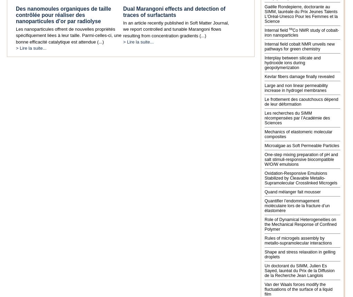 This screenshot has height=297, width=353. What do you see at coordinates (174, 12) in the screenshot?
I see `'Dual Marangoni effects and detection of traces of surfactants'` at bounding box center [174, 12].